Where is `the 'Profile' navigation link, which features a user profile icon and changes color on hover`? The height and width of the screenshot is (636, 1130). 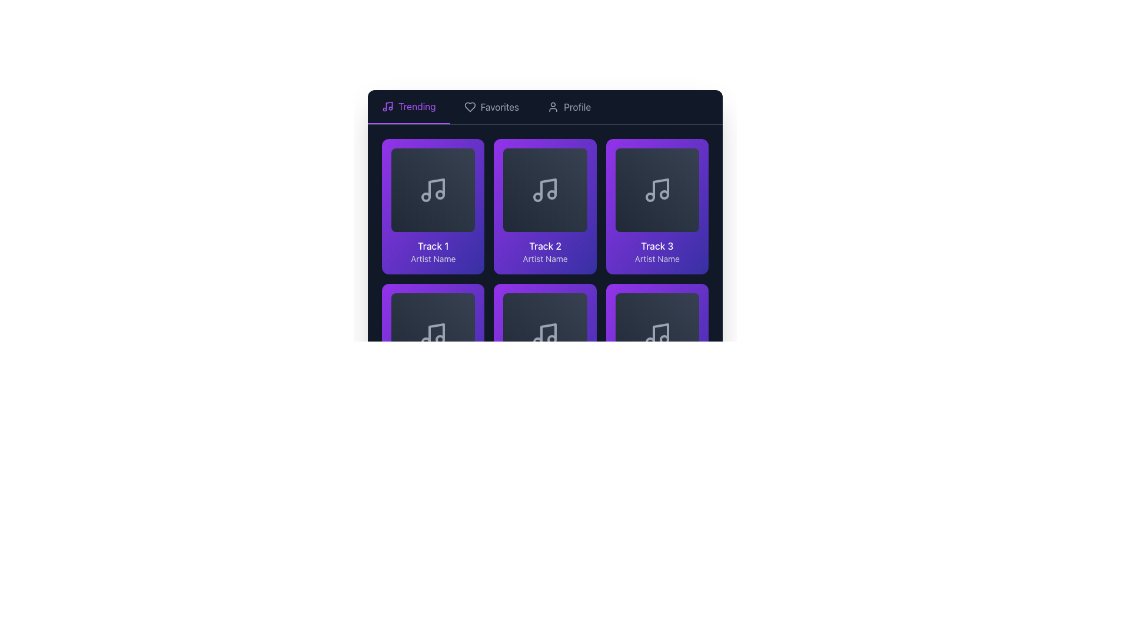 the 'Profile' navigation link, which features a user profile icon and changes color on hover is located at coordinates (569, 107).